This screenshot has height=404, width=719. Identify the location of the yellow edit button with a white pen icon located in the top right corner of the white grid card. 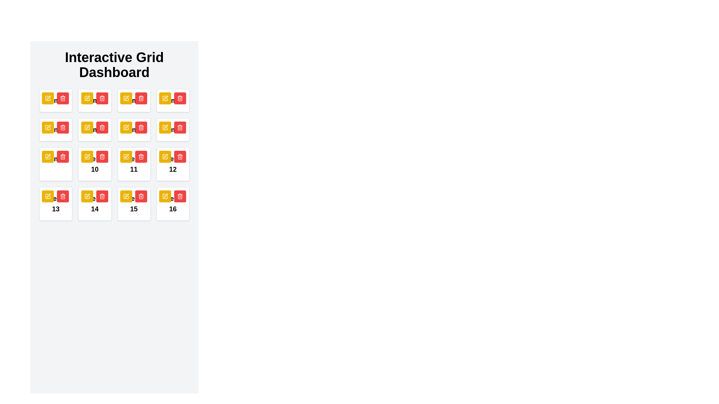
(126, 156).